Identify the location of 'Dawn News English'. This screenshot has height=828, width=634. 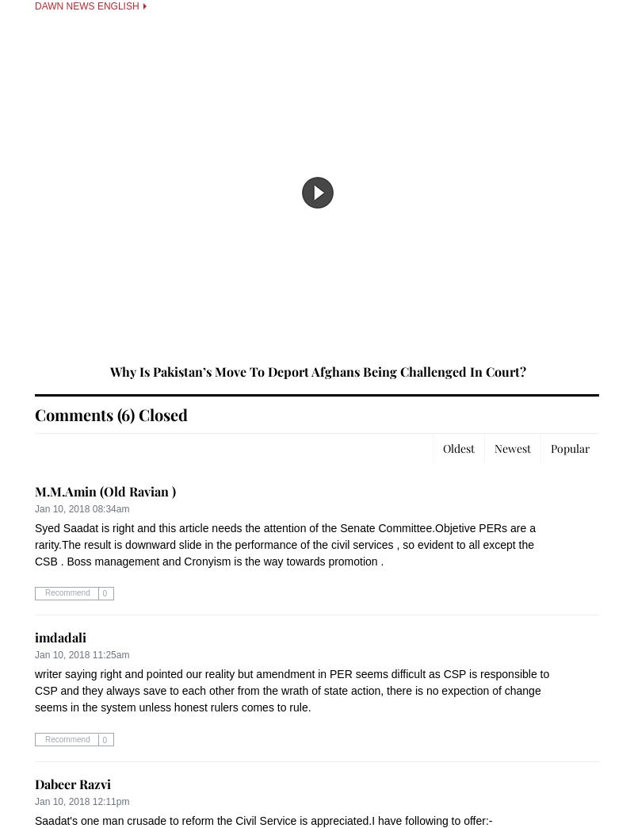
(87, 6).